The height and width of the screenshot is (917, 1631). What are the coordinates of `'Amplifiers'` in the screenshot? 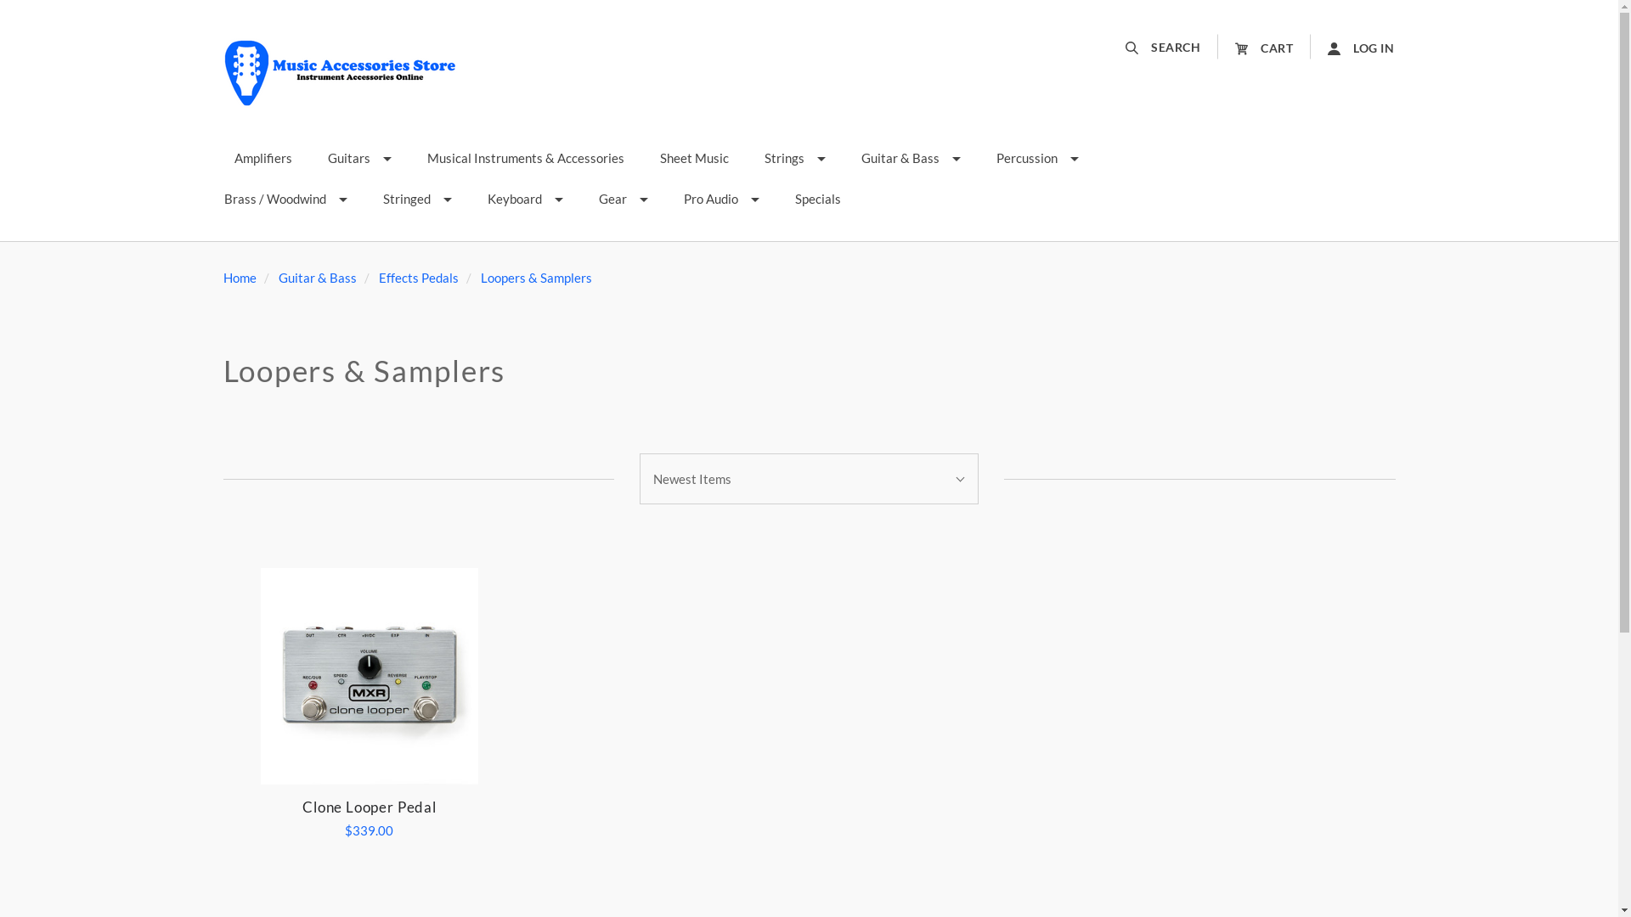 It's located at (219, 158).